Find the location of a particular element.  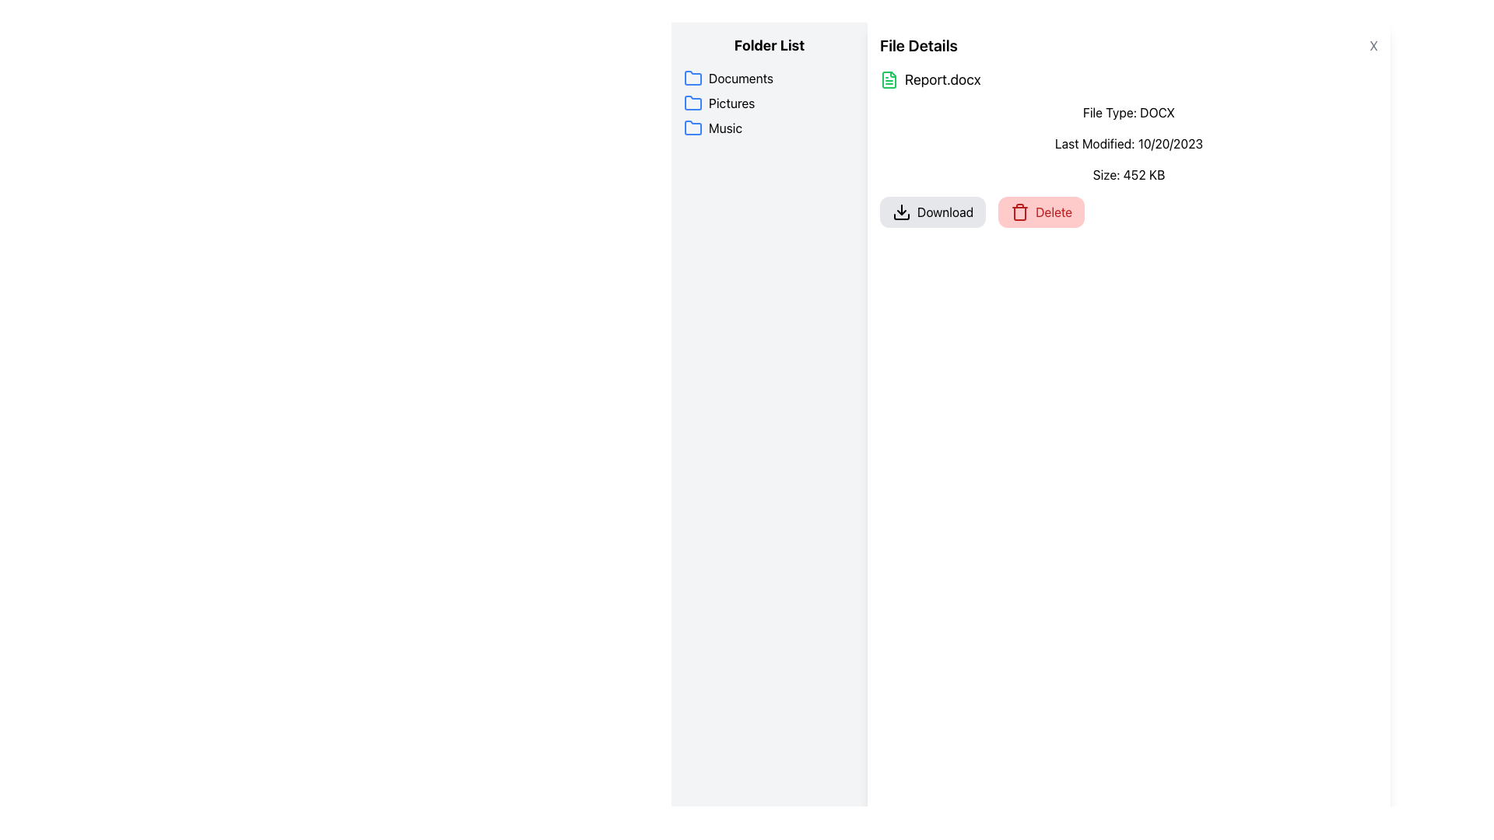

the 'Pictures' folder icon located in the left panel under the 'Folder List' section, which is the second folder icon is located at coordinates (693, 103).